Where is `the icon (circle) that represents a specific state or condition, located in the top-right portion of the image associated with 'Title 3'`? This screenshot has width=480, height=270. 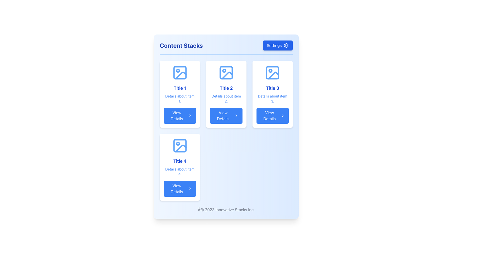 the icon (circle) that represents a specific state or condition, located in the top-right portion of the image associated with 'Title 3' is located at coordinates (270, 70).